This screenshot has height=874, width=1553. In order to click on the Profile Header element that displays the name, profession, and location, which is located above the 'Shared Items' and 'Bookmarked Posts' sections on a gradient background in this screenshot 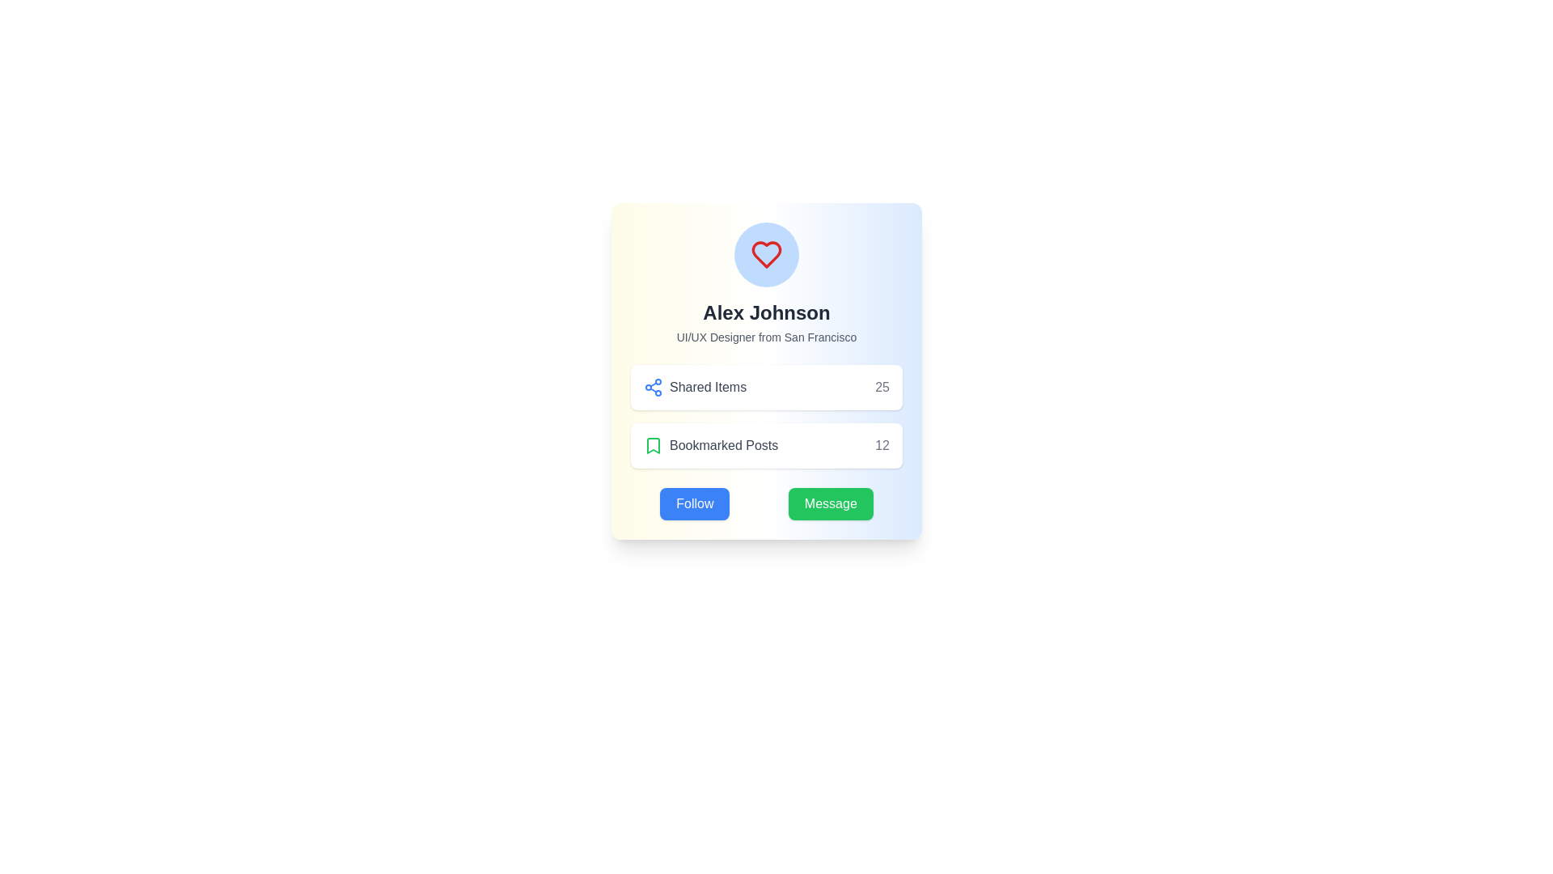, I will do `click(766, 283)`.